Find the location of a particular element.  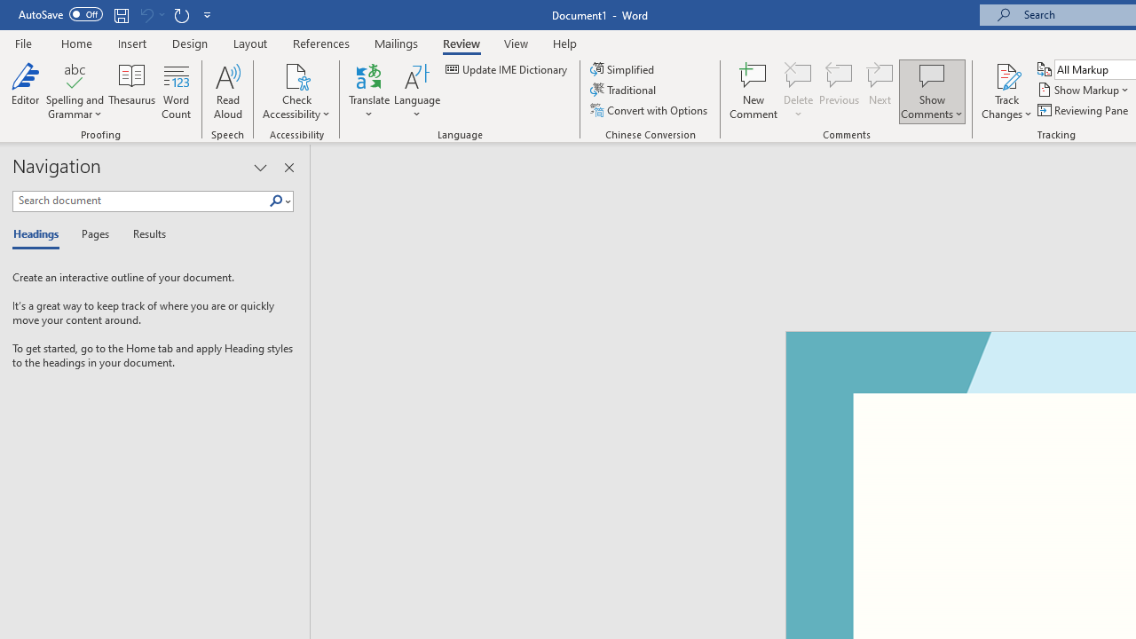

'Update IME Dictionary...' is located at coordinates (507, 68).